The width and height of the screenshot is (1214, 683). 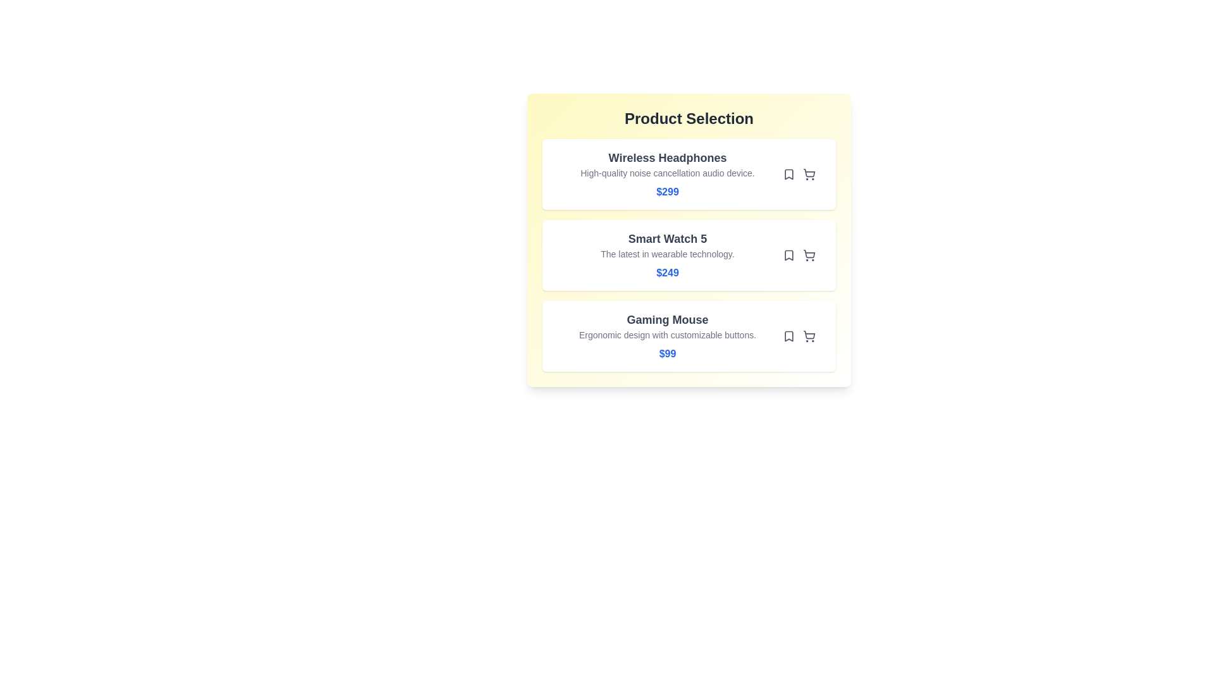 I want to click on the shopping cart icon for the product Gaming Mouse, so click(x=809, y=336).